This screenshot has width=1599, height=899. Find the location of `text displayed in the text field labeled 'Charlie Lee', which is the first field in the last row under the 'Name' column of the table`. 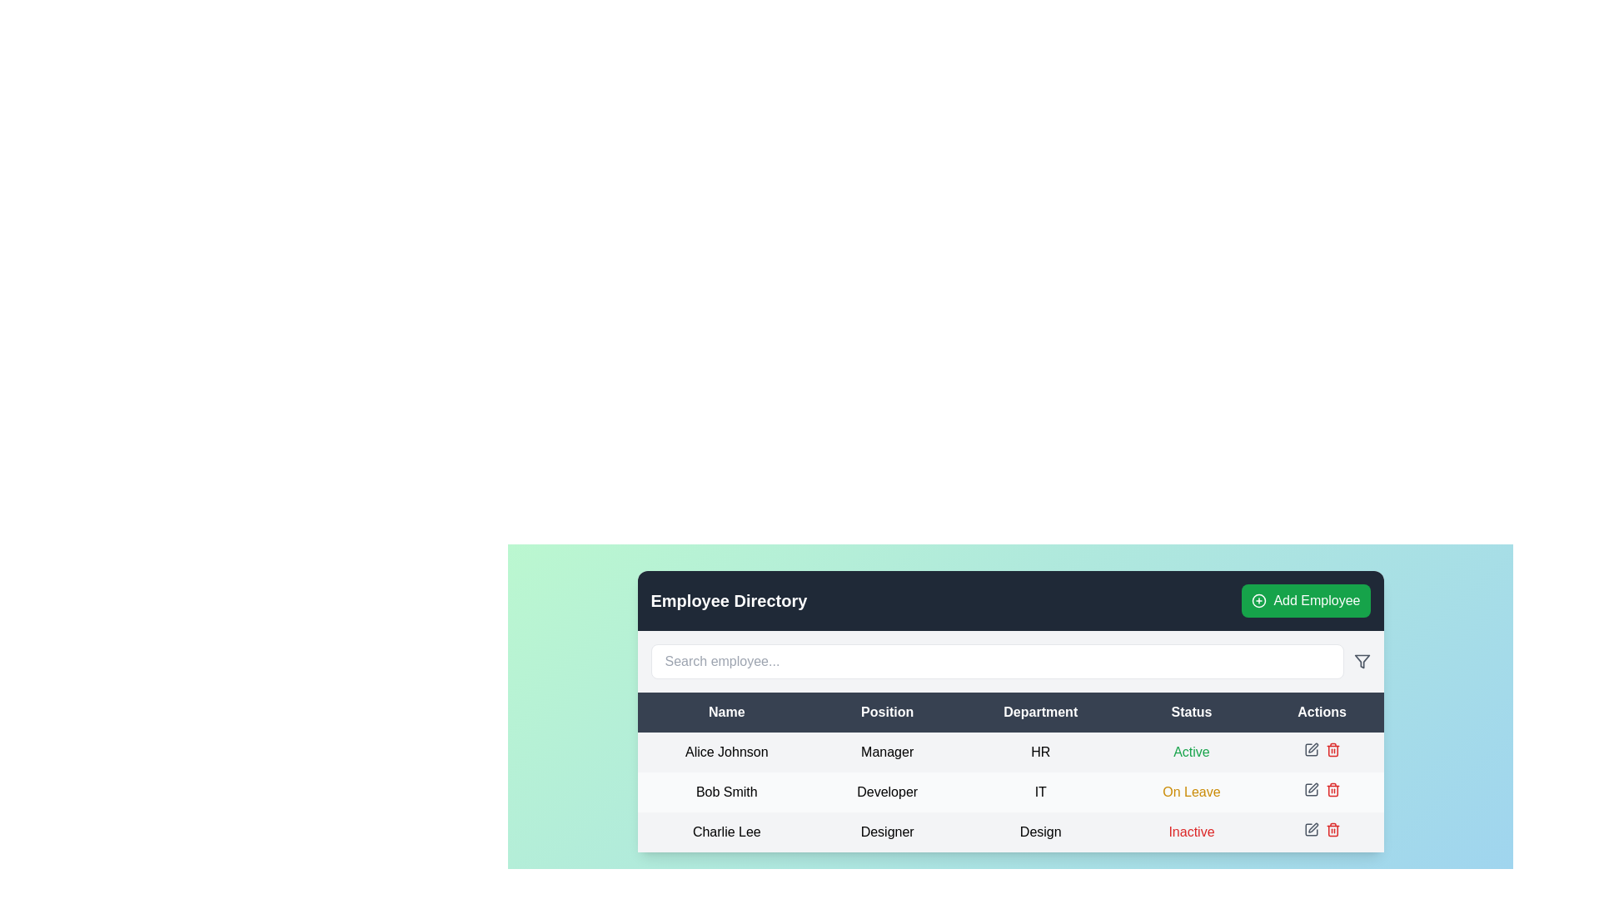

text displayed in the text field labeled 'Charlie Lee', which is the first field in the last row under the 'Name' column of the table is located at coordinates (726, 832).